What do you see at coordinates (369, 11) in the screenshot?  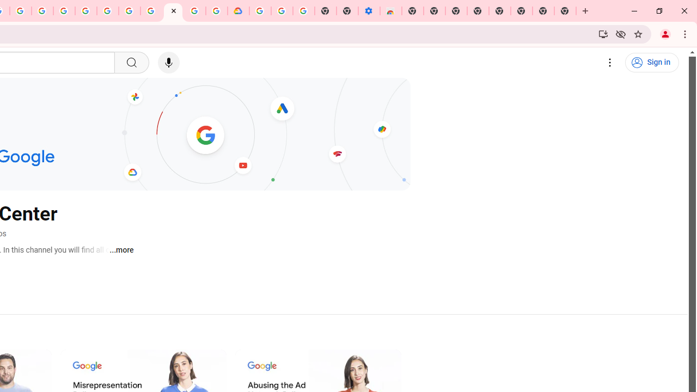 I see `'Settings - Accessibility'` at bounding box center [369, 11].